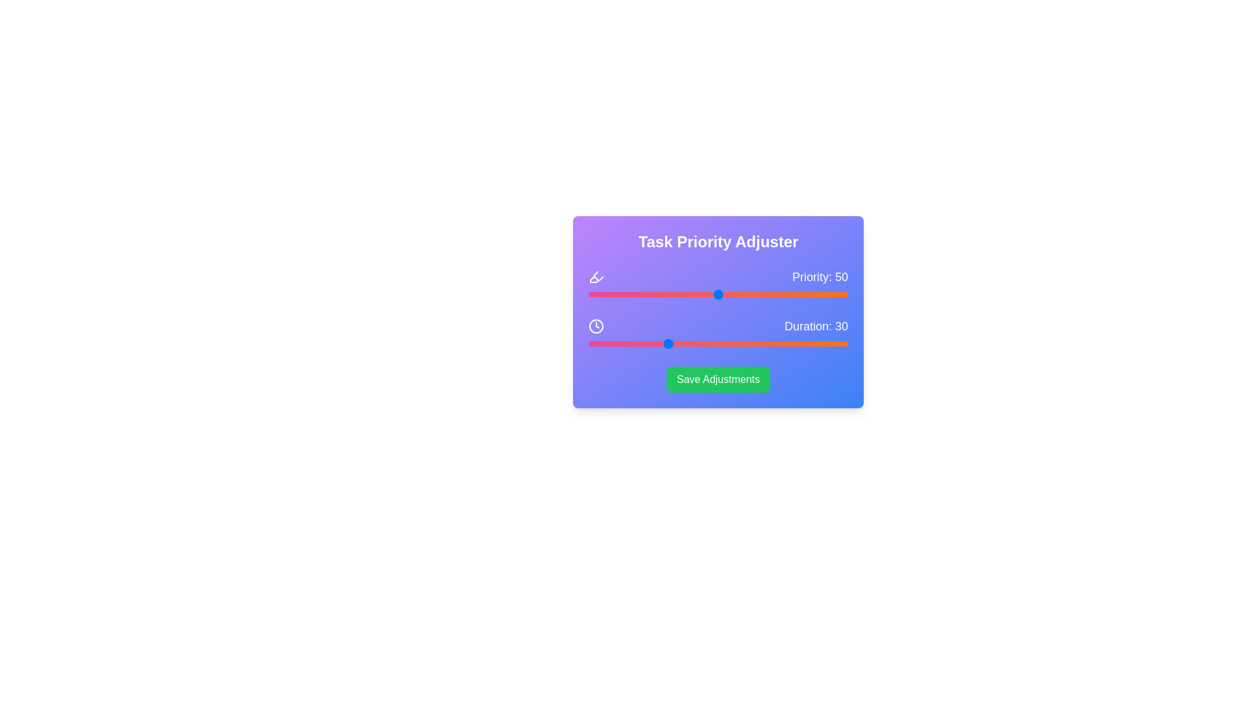 The height and width of the screenshot is (701, 1246). I want to click on the 'Duration' slider to 92 value, so click(827, 343).